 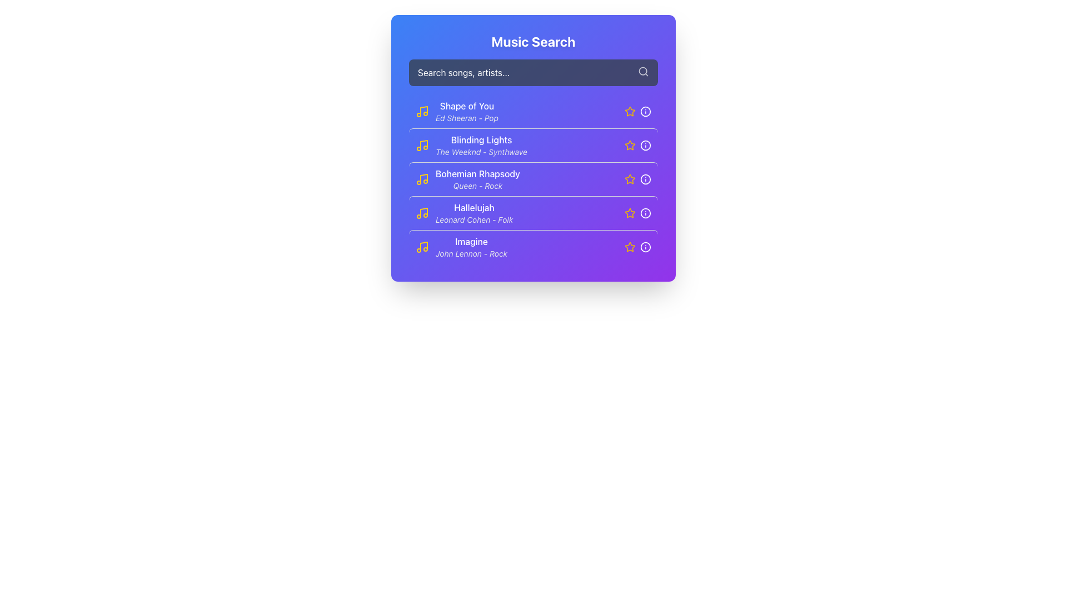 I want to click on the circular white icon adjacent to the 'Bohemian Rhapsody' song entry, so click(x=645, y=179).